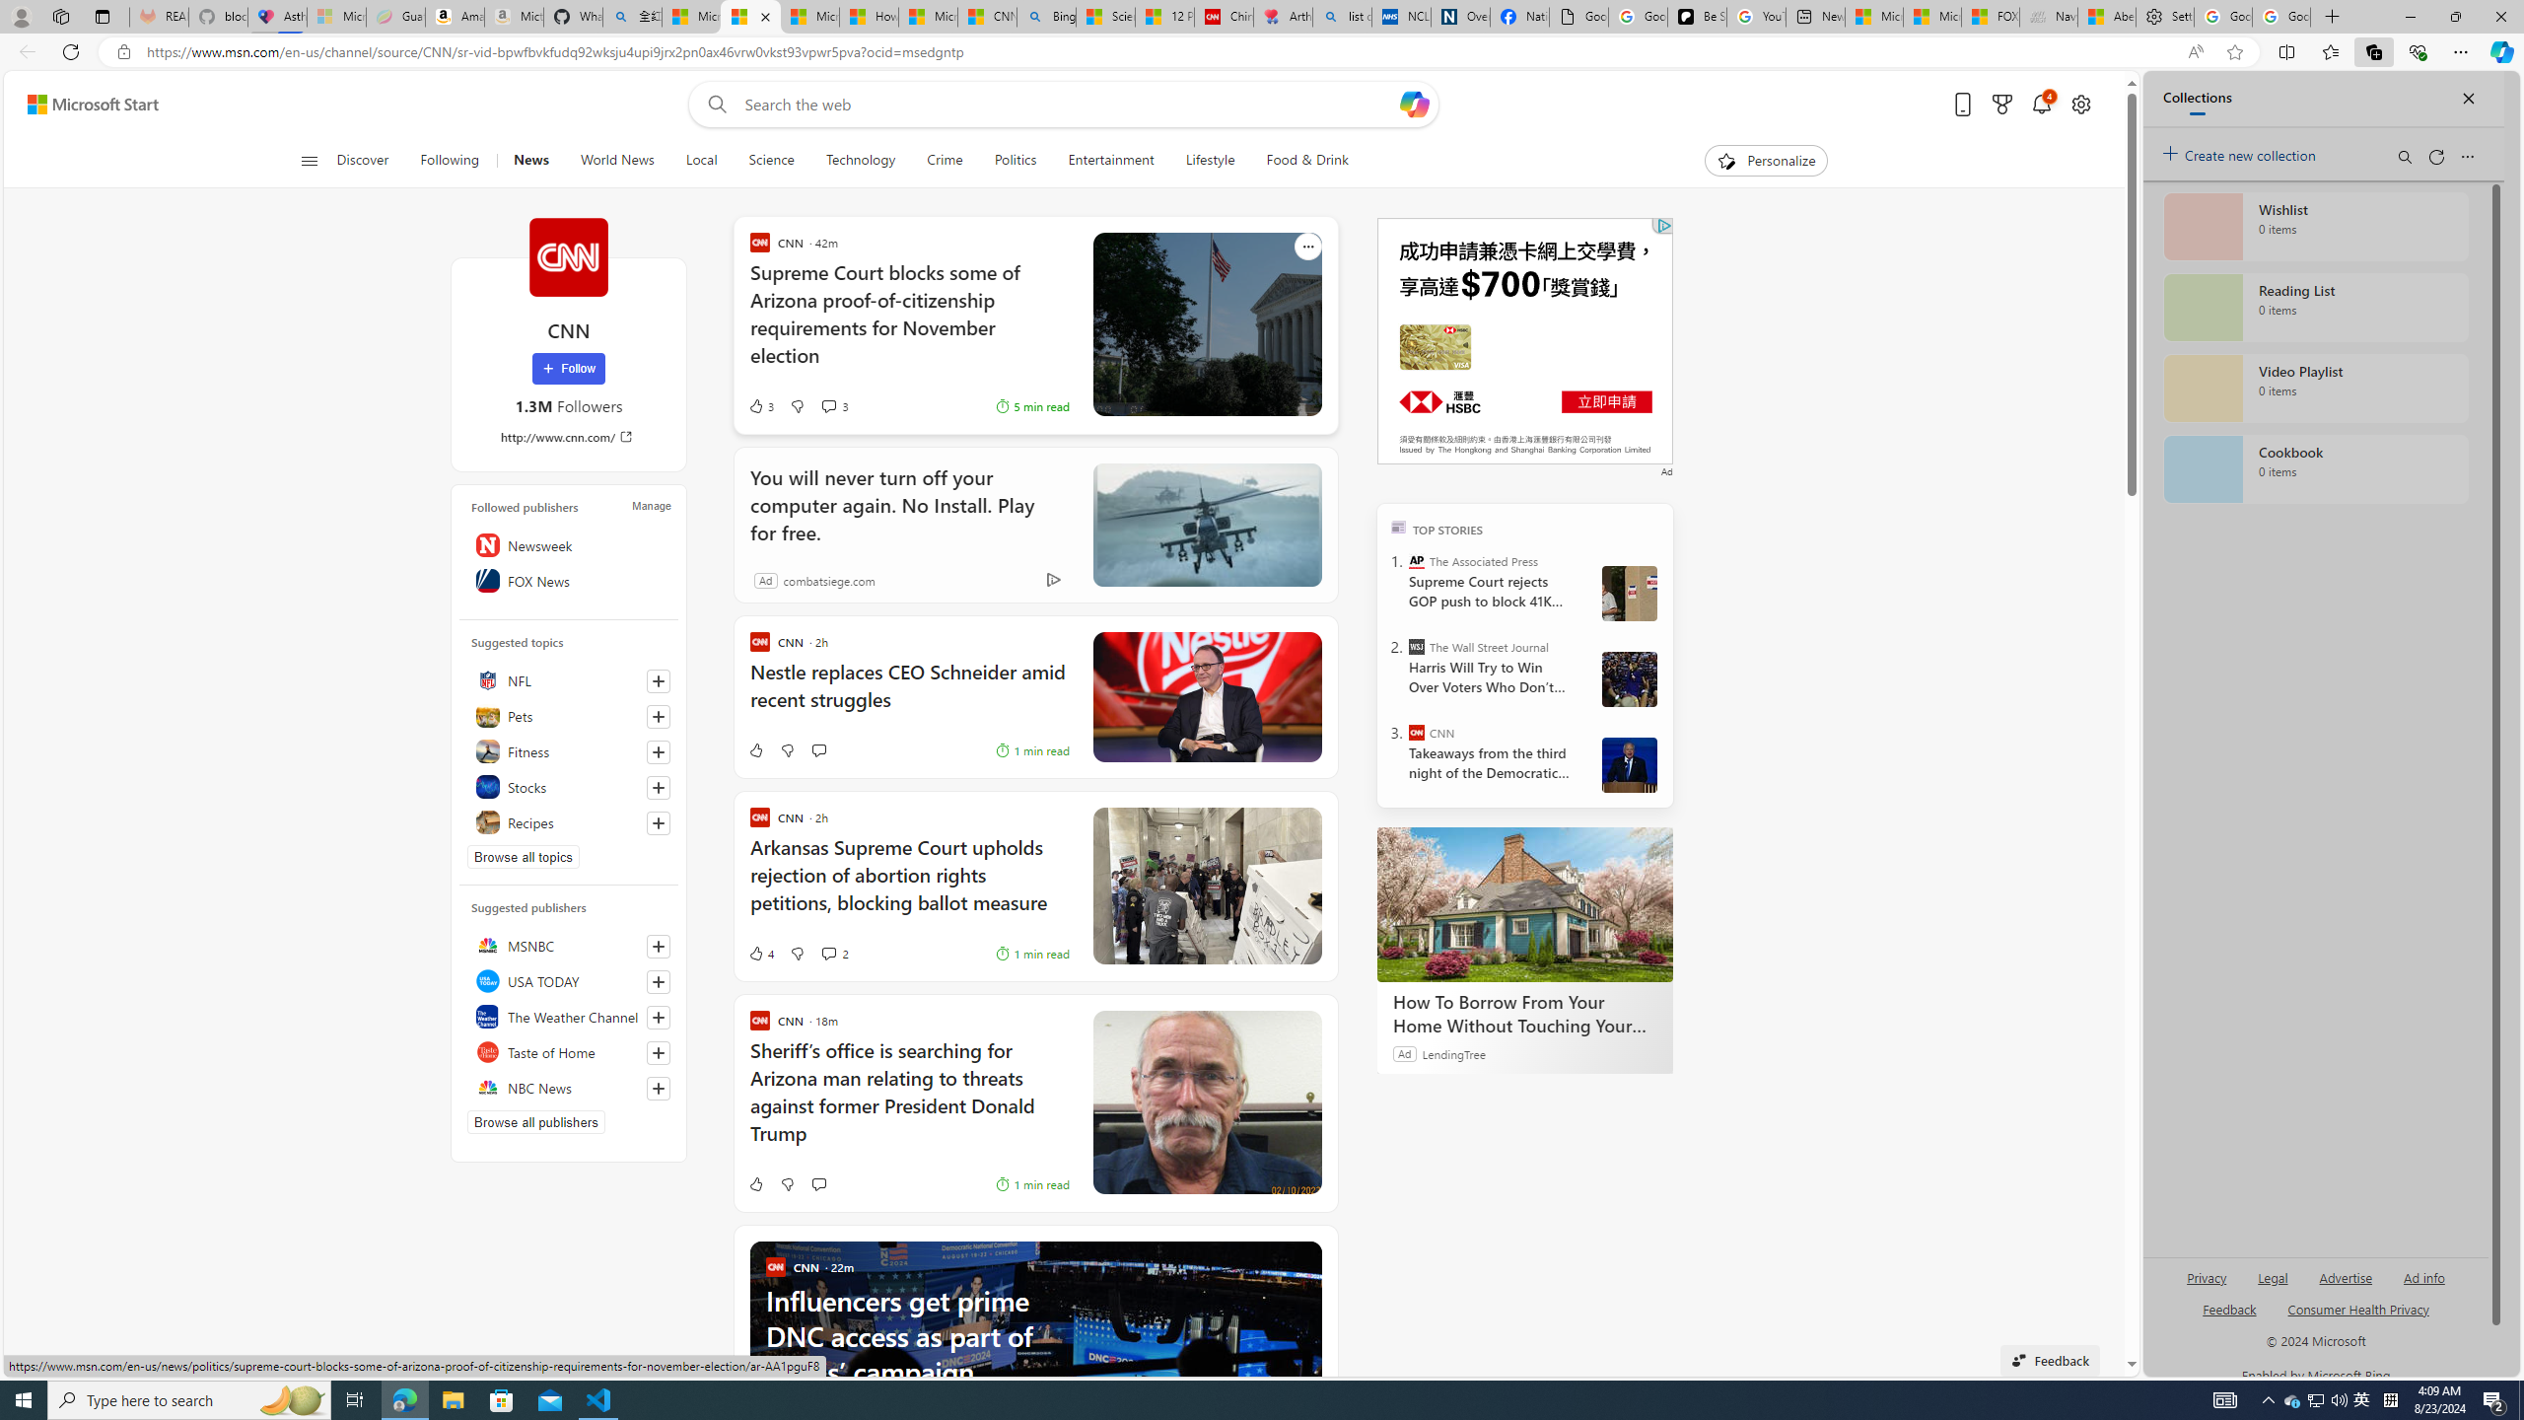 The width and height of the screenshot is (2524, 1420). Describe the element at coordinates (1016, 160) in the screenshot. I see `'Politics'` at that location.